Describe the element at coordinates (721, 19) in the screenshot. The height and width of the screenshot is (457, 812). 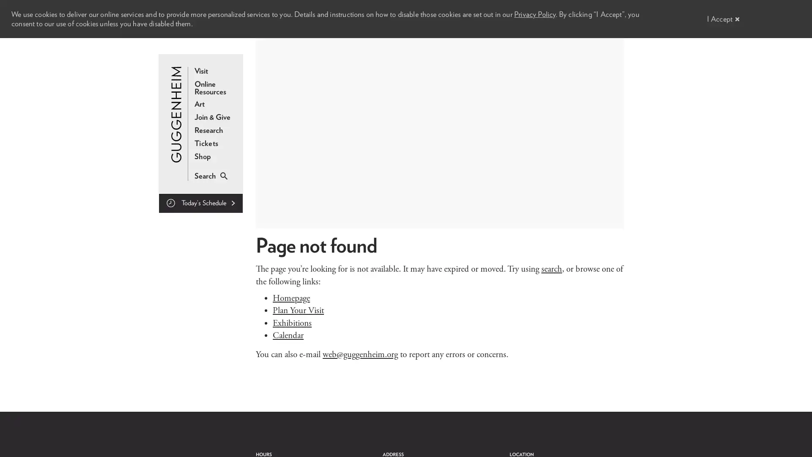
I see `I Accept` at that location.